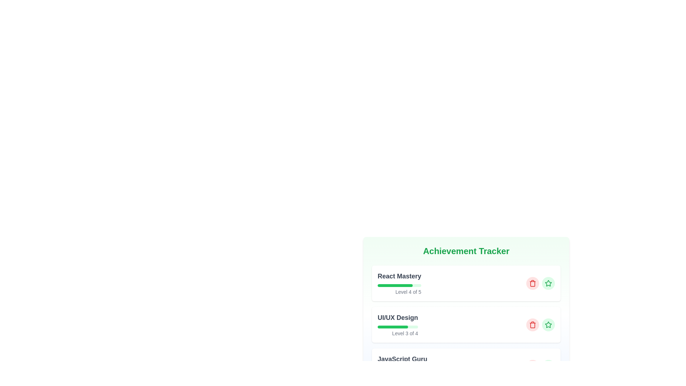  I want to click on the delete button located to the left of the green circular button with a star icon in the Achievement Tracker section, so click(533, 325).